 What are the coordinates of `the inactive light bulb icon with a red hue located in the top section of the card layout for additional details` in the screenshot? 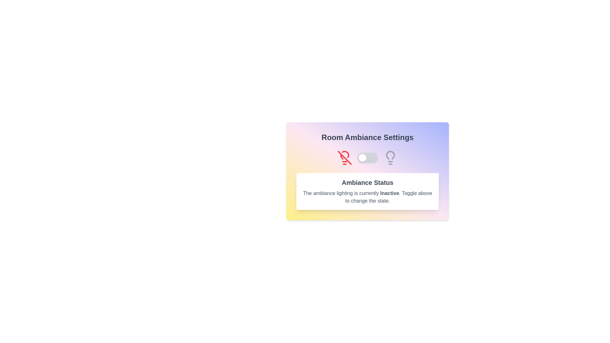 It's located at (344, 158).